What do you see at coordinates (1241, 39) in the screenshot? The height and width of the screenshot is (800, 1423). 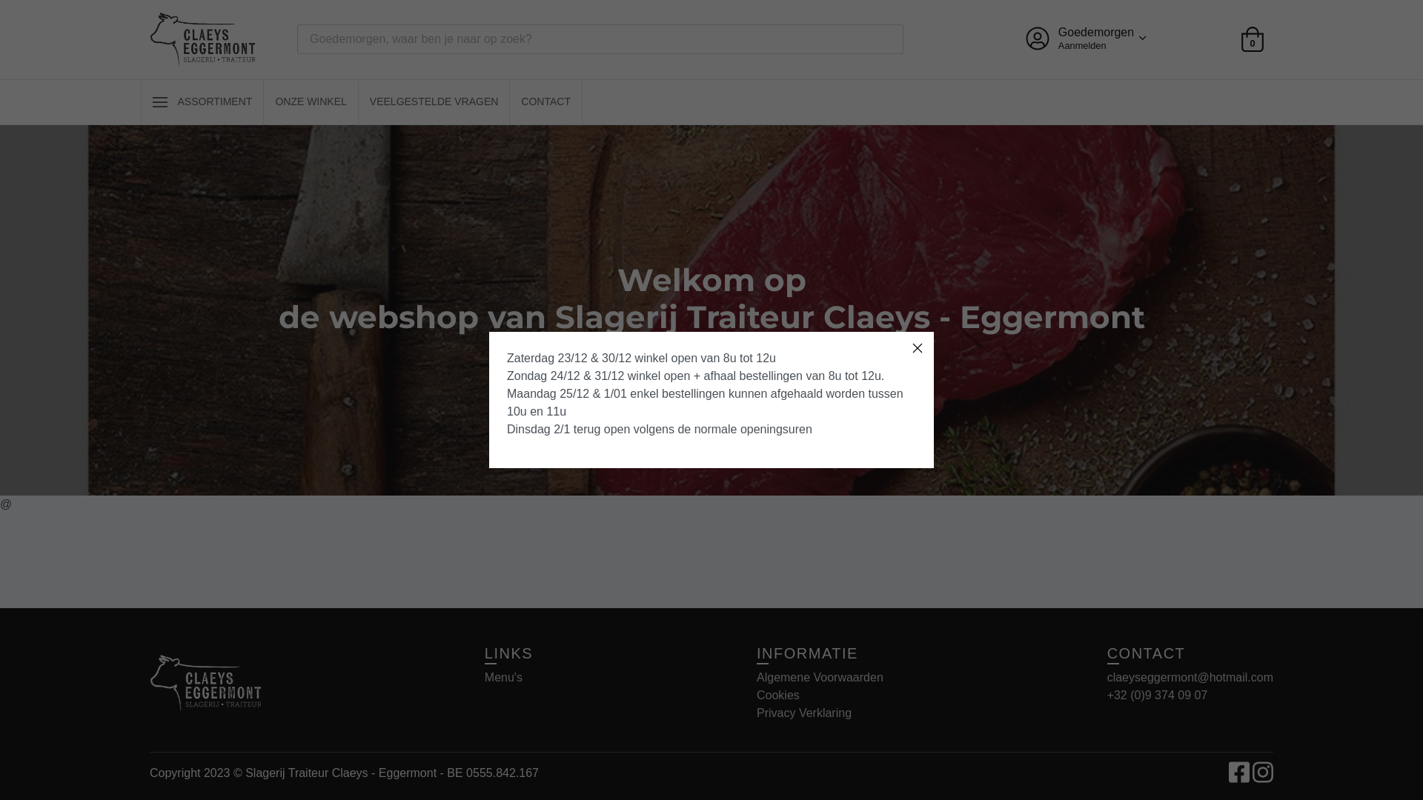 I see `'0'` at bounding box center [1241, 39].